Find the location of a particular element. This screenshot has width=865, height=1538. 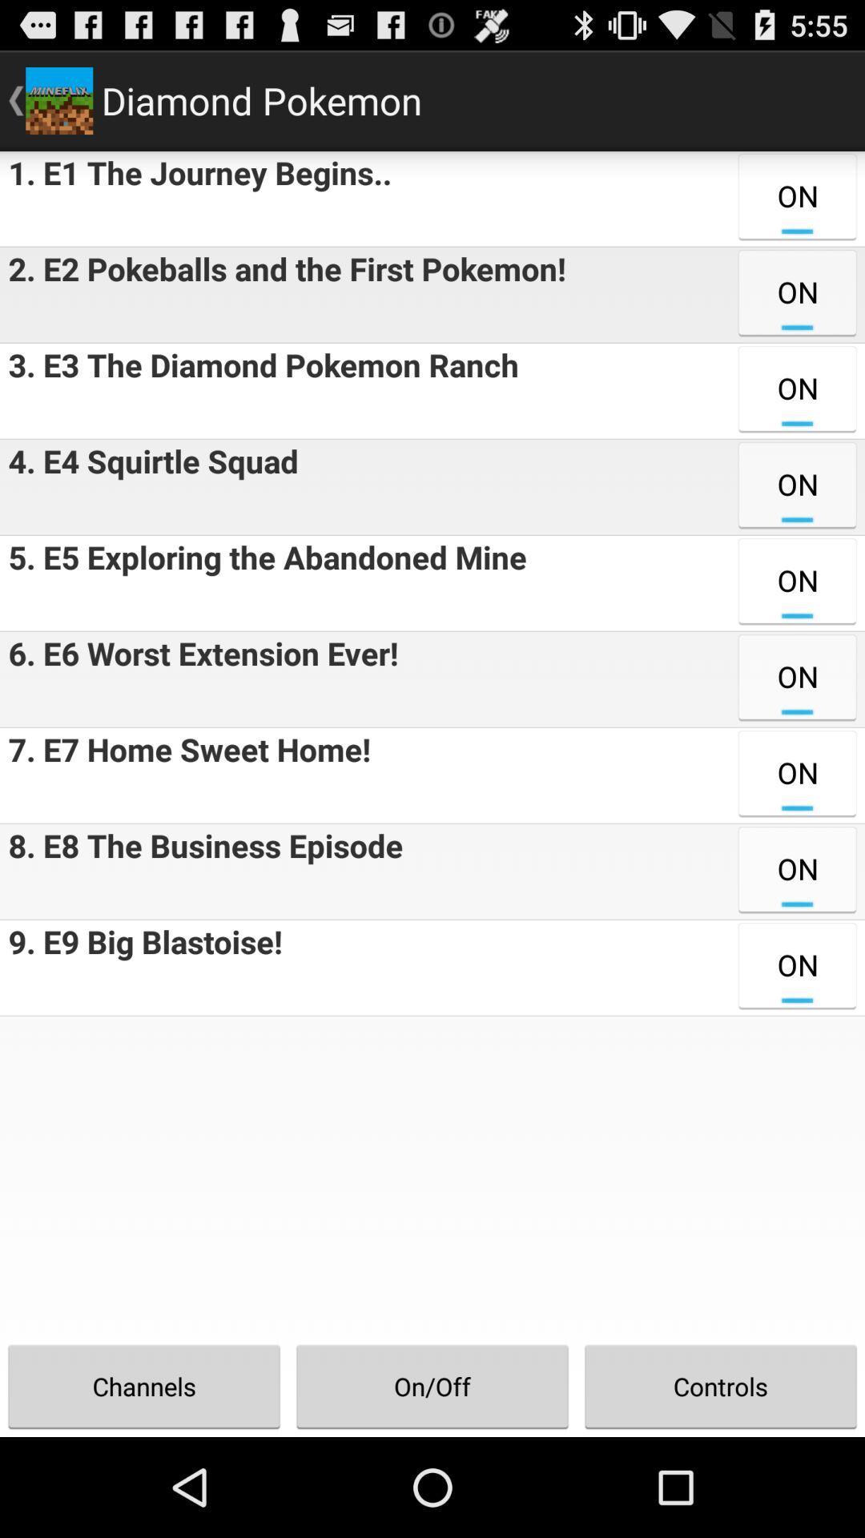

the app below the 2 e2 pokeballs item is located at coordinates (259, 391).